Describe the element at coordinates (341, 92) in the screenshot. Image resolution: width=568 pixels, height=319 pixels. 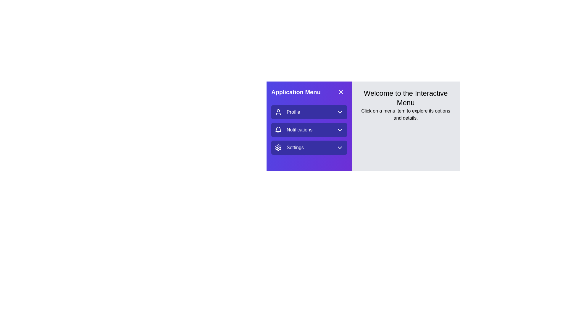
I see `the 'X' icon button located at the top-right corner of the purple section labeled 'Application Menu' to interact with it` at that location.